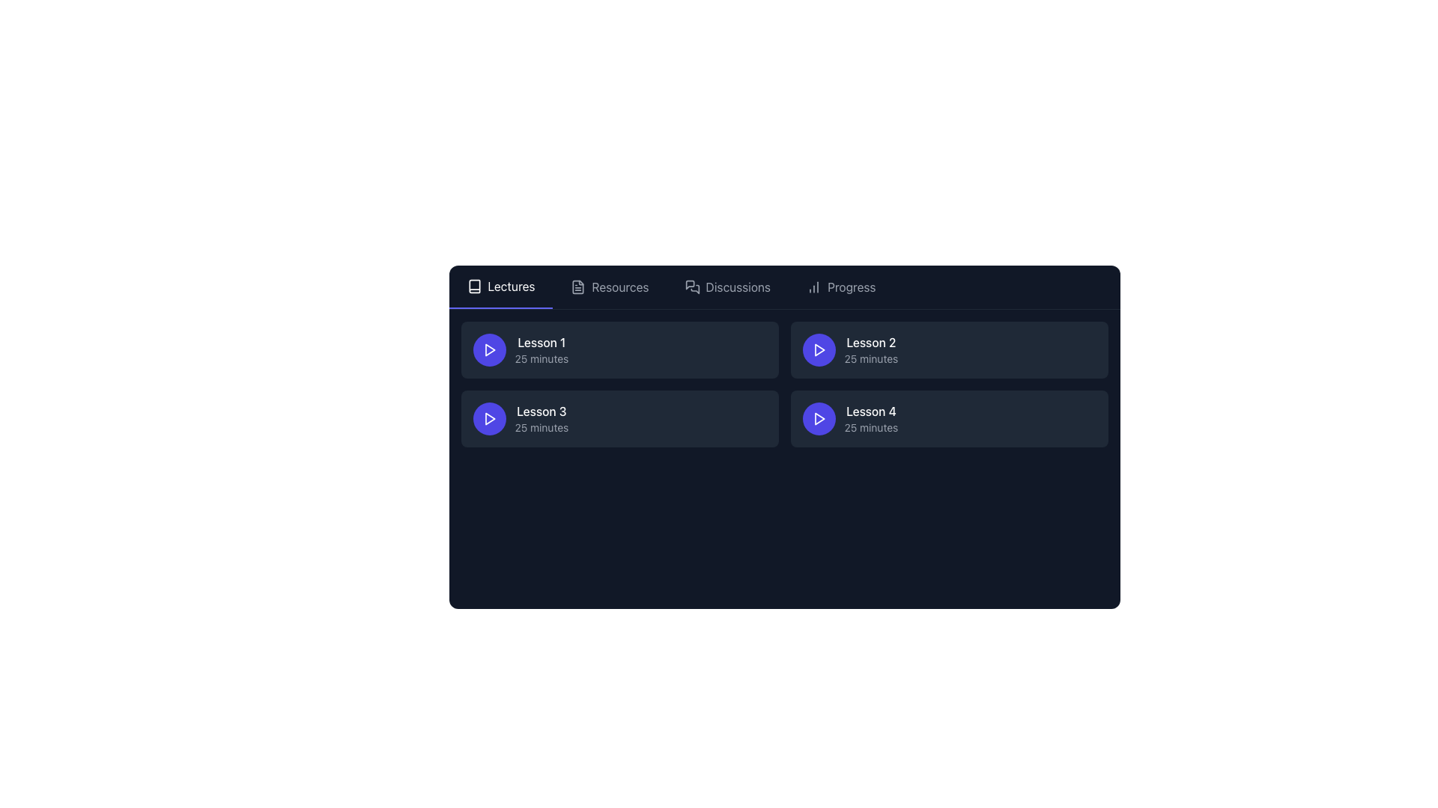 The image size is (1438, 808). What do you see at coordinates (691, 287) in the screenshot?
I see `the messaging icon shaped like two overlapping speech bubbles located in the top navigation bar to the left of the text 'Discussions'` at bounding box center [691, 287].